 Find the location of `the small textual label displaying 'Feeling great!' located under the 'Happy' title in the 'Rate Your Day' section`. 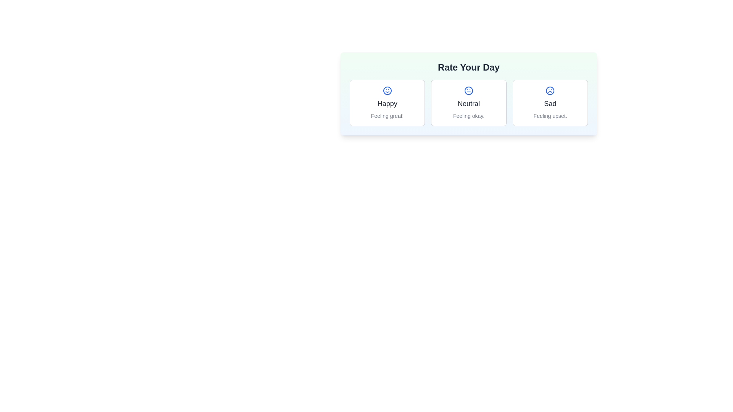

the small textual label displaying 'Feeling great!' located under the 'Happy' title in the 'Rate Your Day' section is located at coordinates (387, 116).